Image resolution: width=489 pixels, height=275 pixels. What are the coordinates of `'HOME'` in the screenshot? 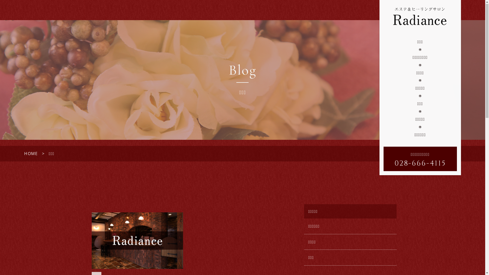 It's located at (31, 154).